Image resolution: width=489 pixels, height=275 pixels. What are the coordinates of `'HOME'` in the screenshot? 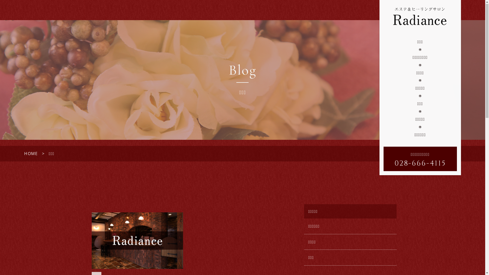 It's located at (31, 154).